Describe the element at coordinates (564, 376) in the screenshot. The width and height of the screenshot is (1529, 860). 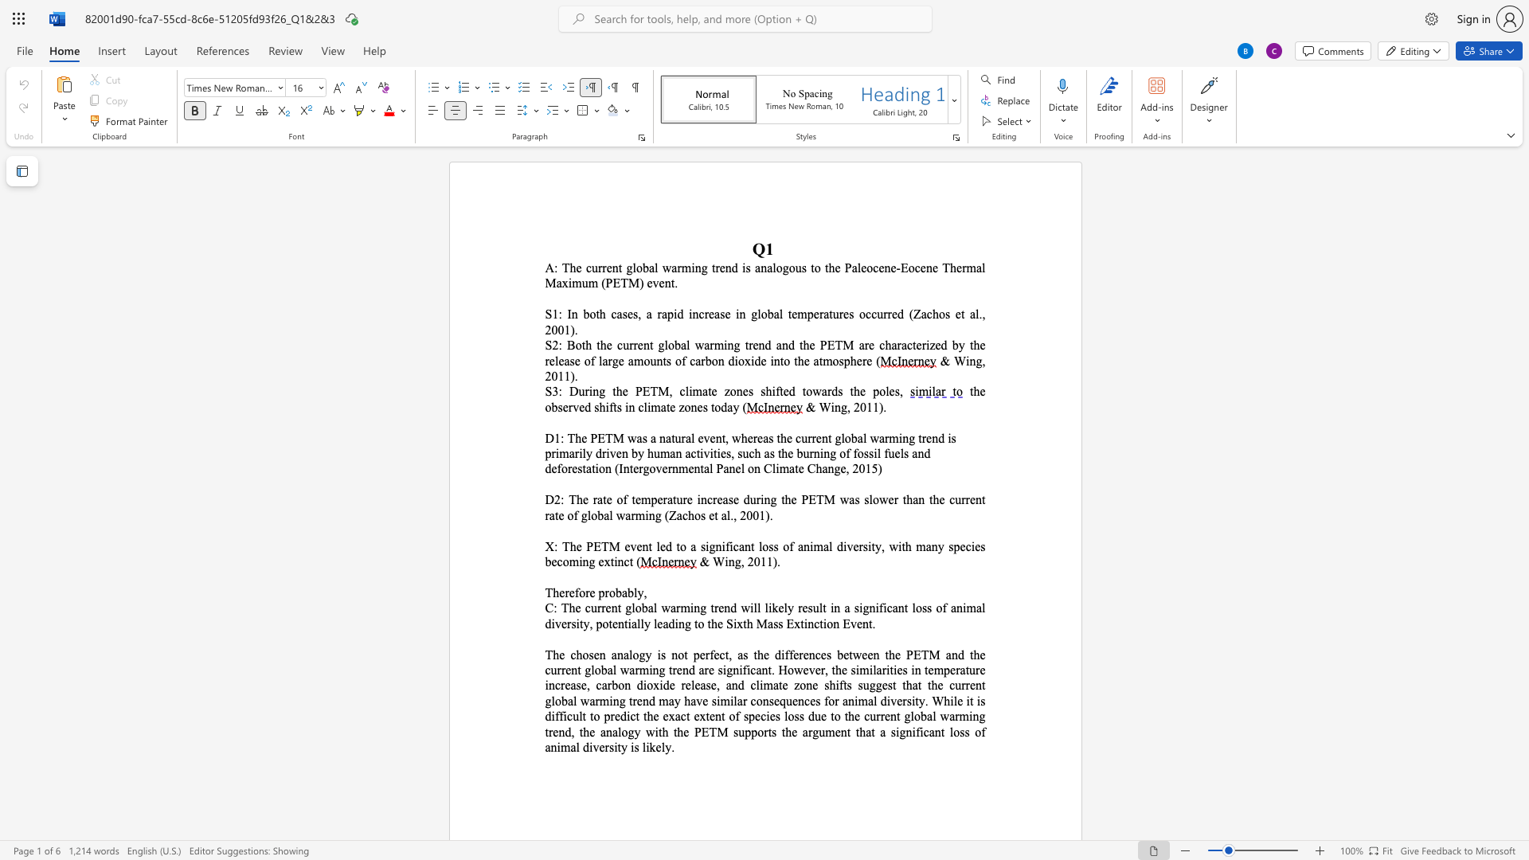
I see `the space between the continuous character "1" and "1" in the text` at that location.